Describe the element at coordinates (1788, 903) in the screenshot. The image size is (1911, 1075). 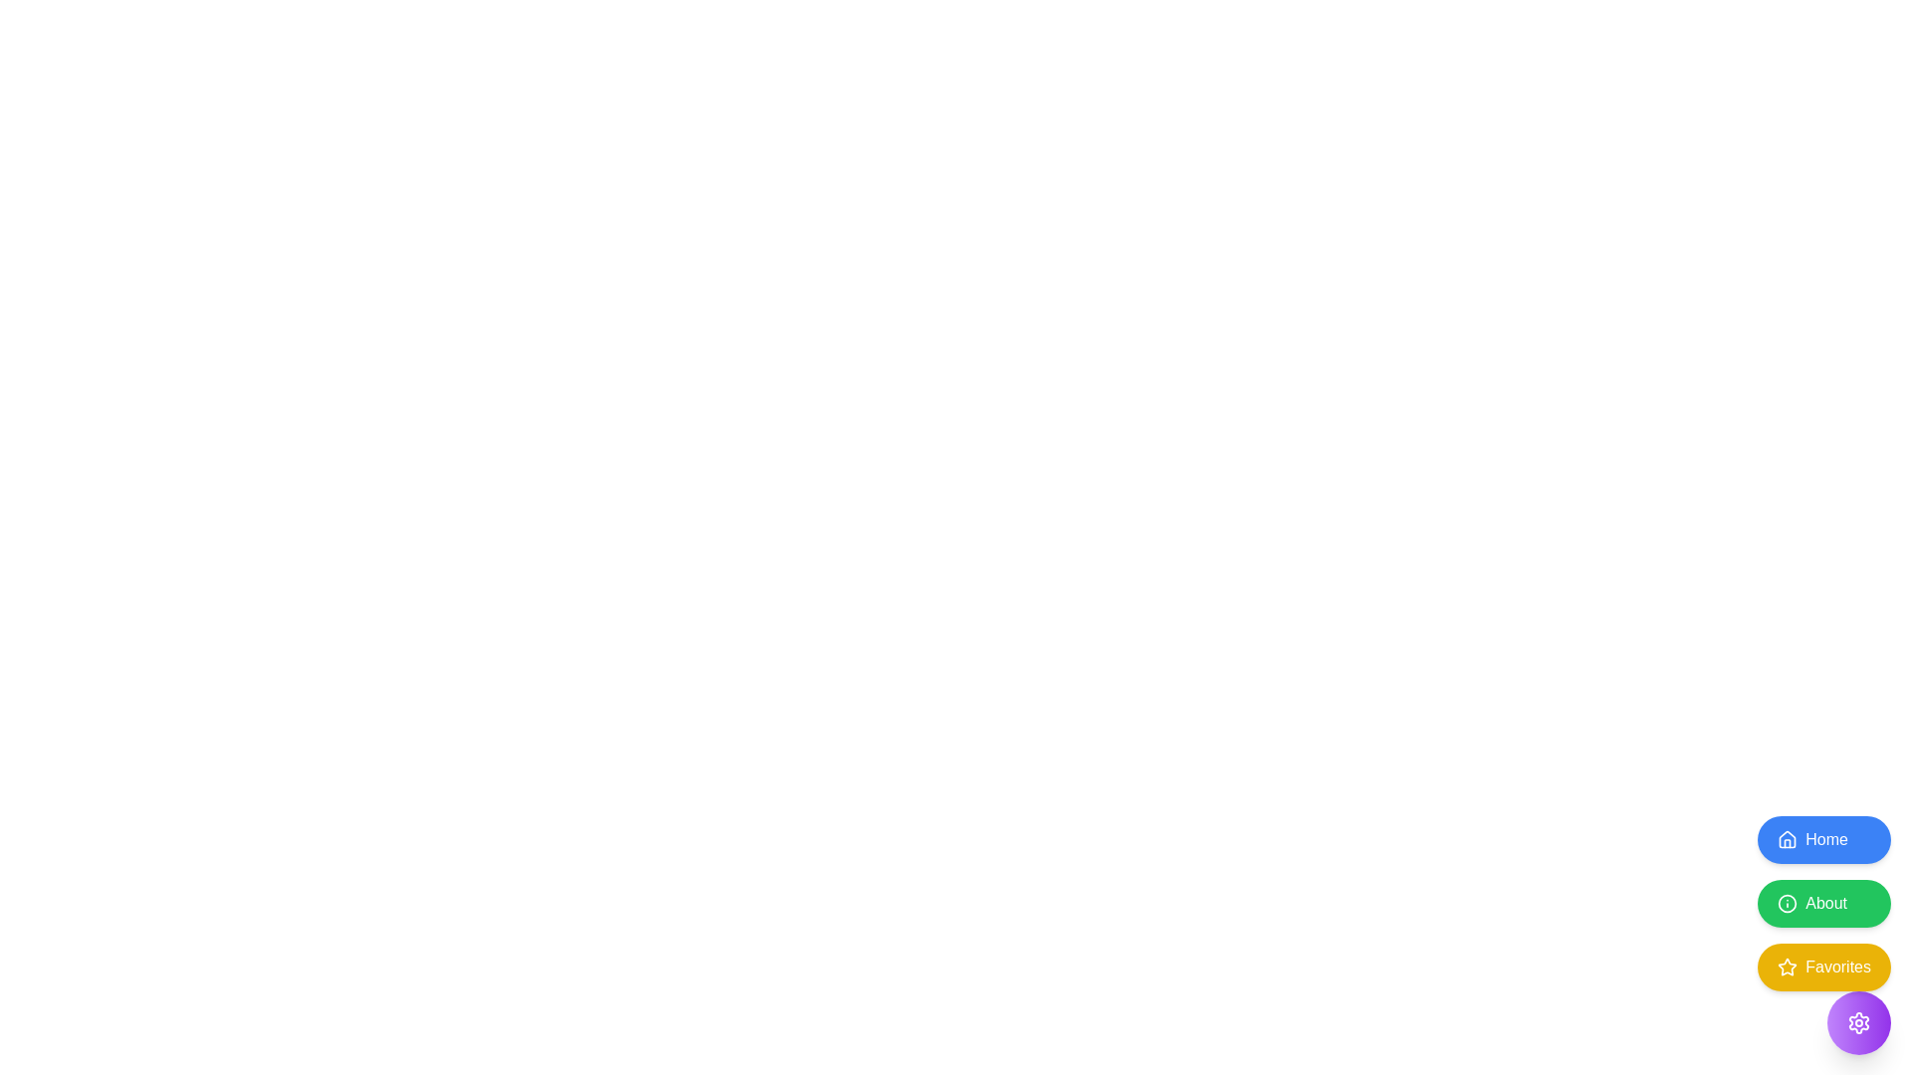
I see `the larger circular icon in the 'About' button` at that location.